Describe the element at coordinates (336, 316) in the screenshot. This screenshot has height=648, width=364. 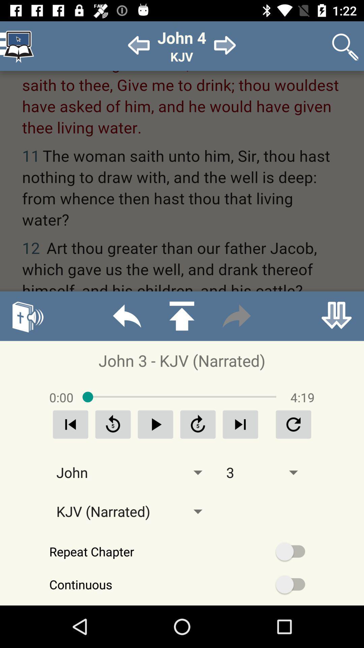
I see `collapse` at that location.